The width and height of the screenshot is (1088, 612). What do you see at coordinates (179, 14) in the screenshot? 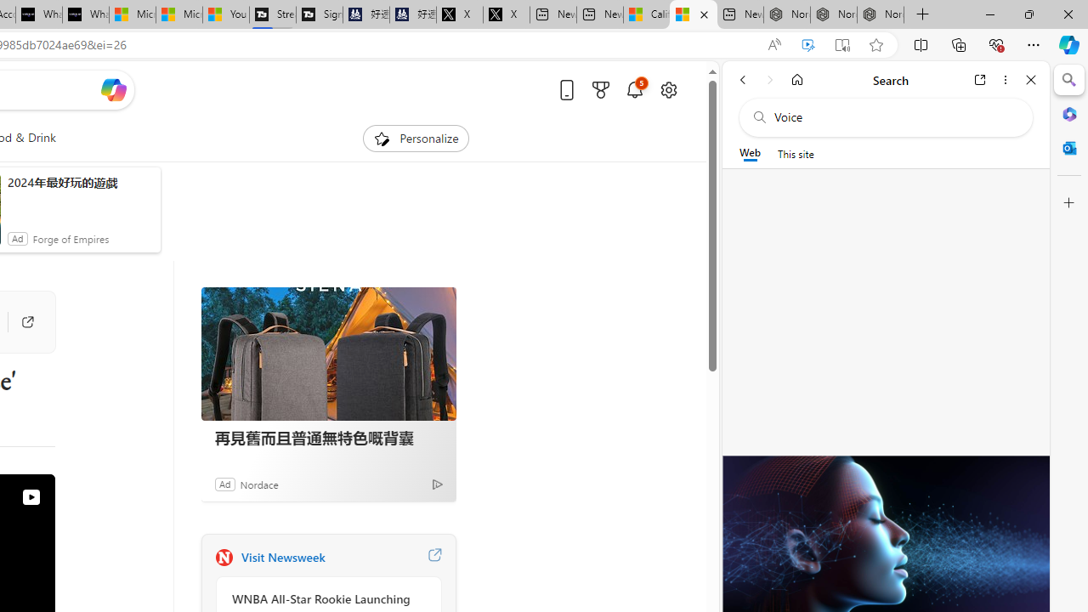
I see `'Microsoft Start'` at bounding box center [179, 14].